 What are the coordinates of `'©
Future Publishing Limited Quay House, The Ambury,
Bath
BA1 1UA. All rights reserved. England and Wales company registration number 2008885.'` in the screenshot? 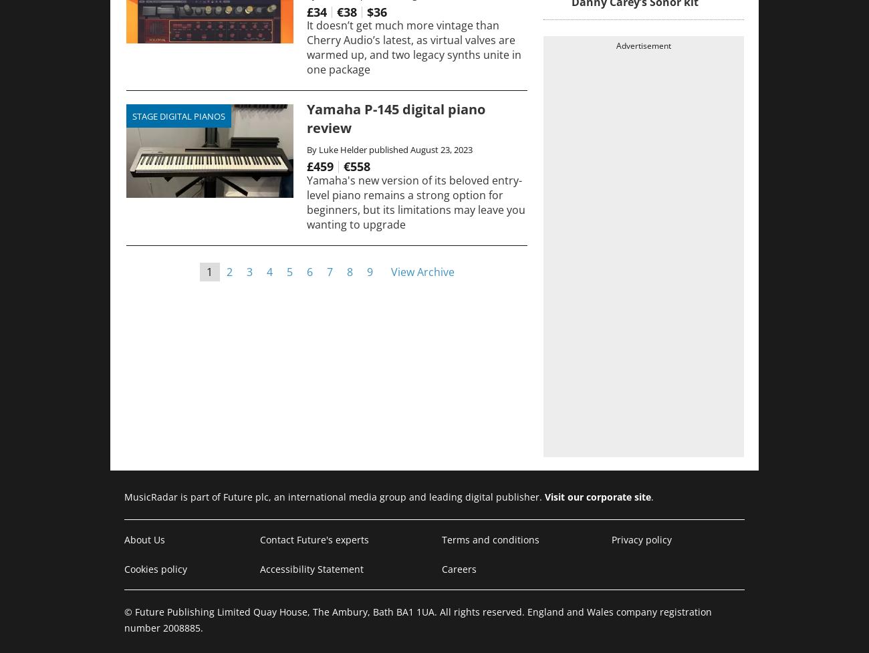 It's located at (418, 619).